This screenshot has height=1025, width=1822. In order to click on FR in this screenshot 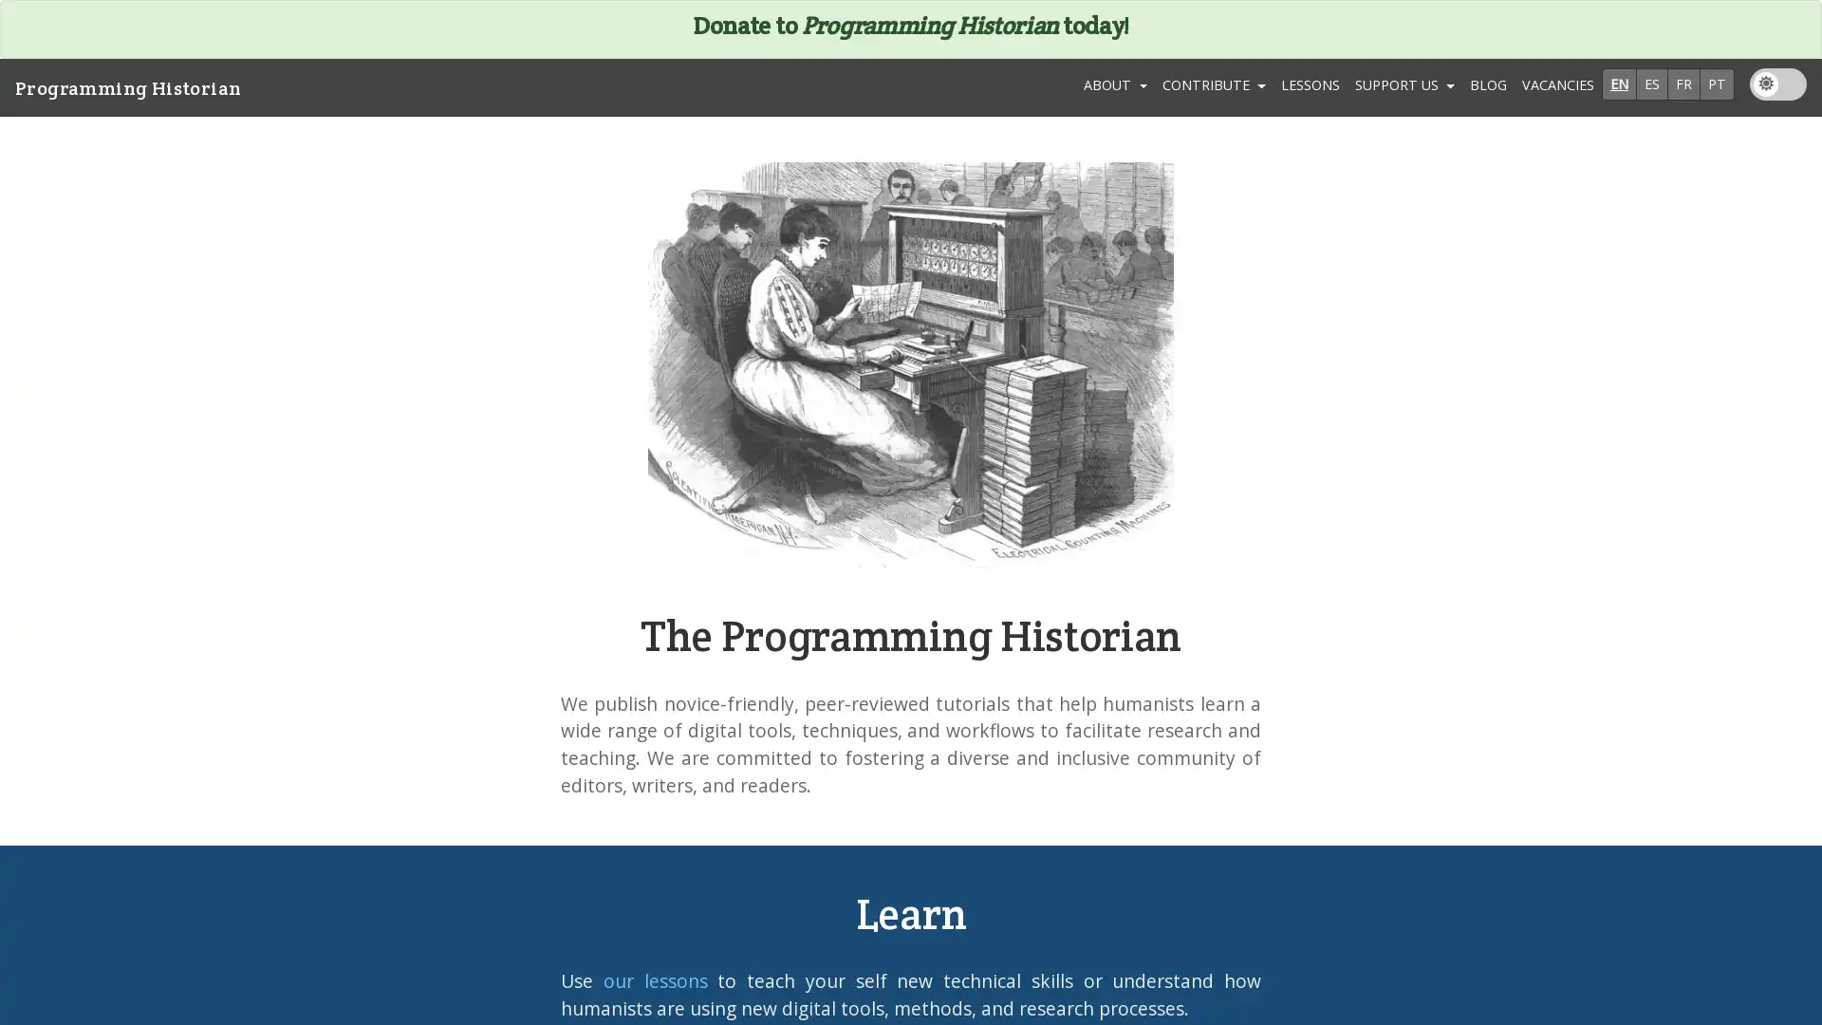, I will do `click(1683, 83)`.